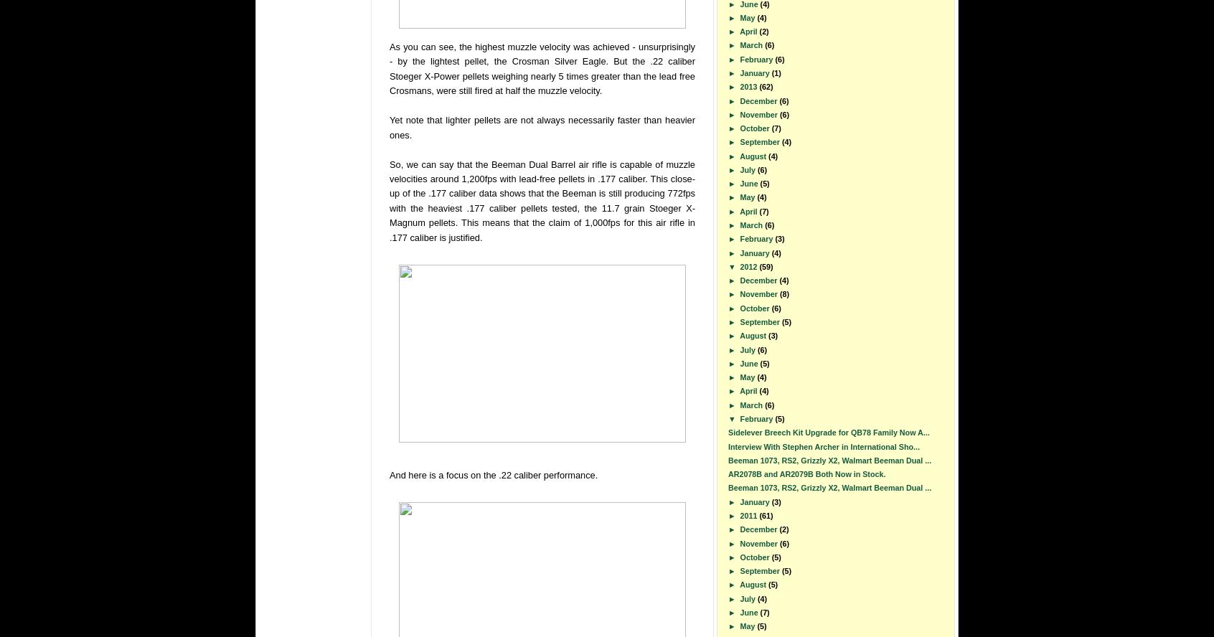  What do you see at coordinates (771, 71) in the screenshot?
I see `'(1)'` at bounding box center [771, 71].